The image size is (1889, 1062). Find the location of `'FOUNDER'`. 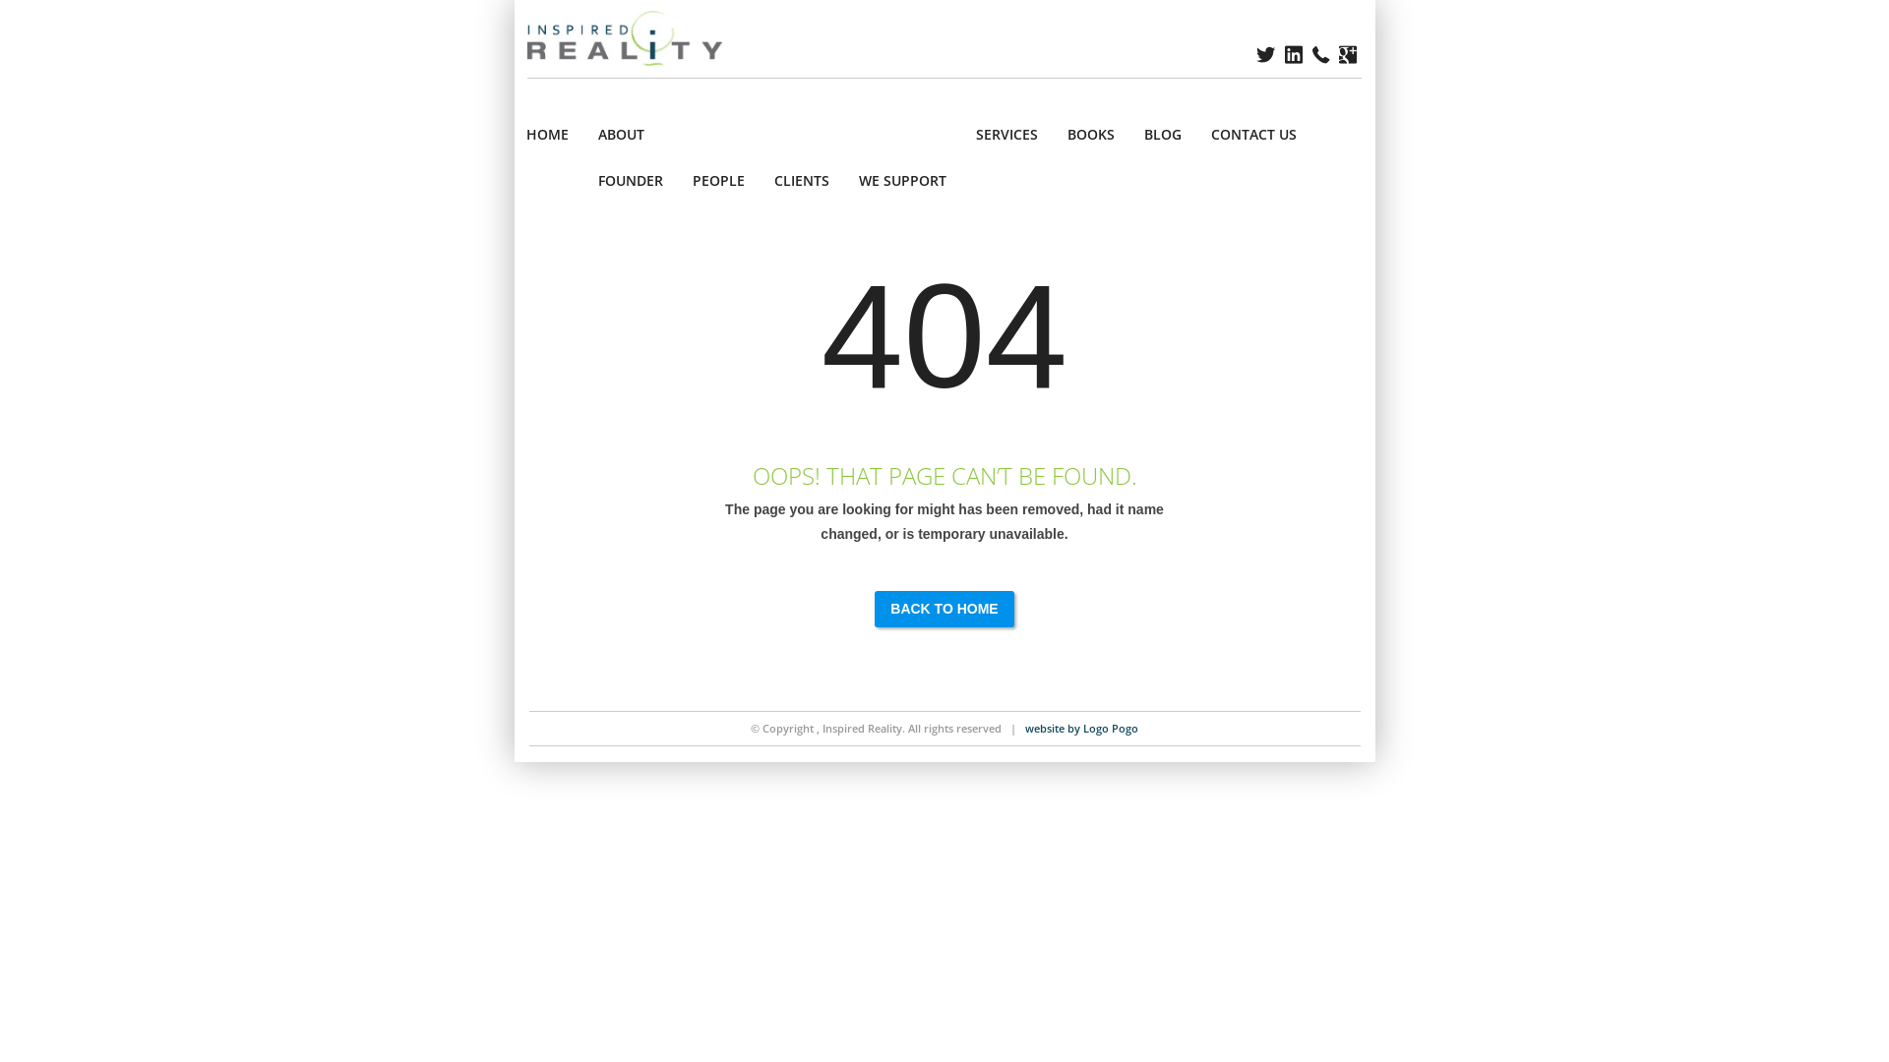

'FOUNDER' is located at coordinates (582, 180).